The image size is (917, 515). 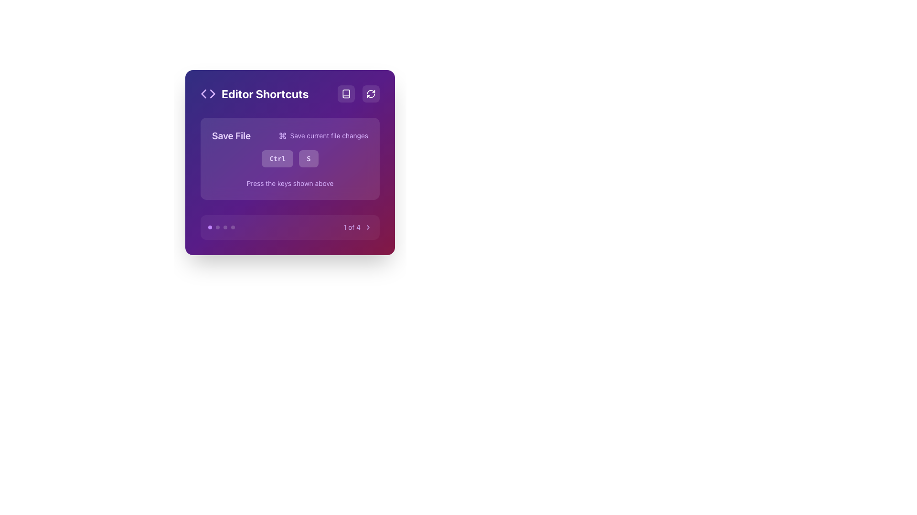 What do you see at coordinates (255, 93) in the screenshot?
I see `the Label with icon that serves as the title of the card, located at the top left of the card adjacent to other icons` at bounding box center [255, 93].